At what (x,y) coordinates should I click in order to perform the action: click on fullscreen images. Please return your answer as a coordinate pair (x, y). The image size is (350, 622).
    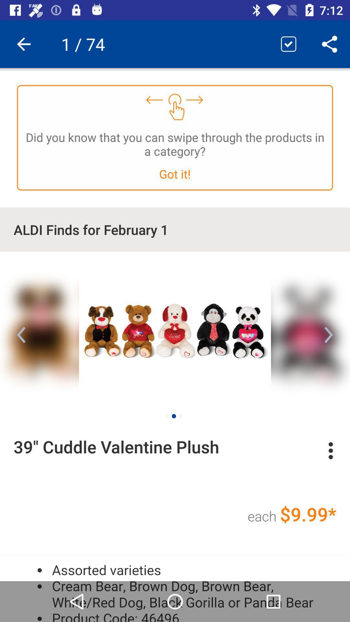
    Looking at the image, I should click on (175, 329).